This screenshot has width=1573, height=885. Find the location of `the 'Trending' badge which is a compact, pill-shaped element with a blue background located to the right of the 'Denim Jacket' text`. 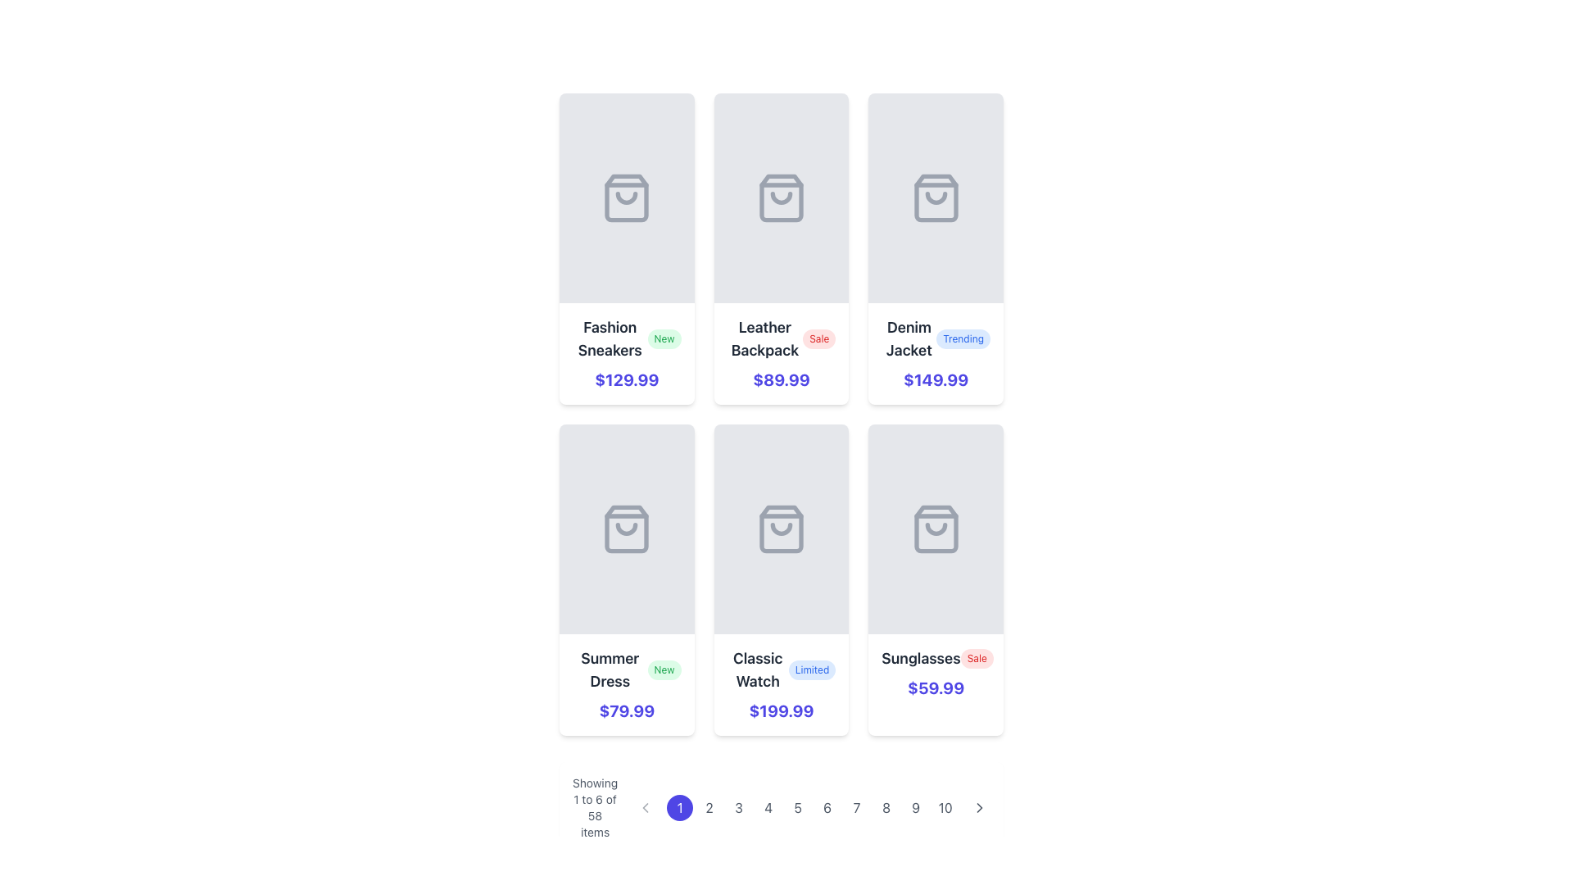

the 'Trending' badge which is a compact, pill-shaped element with a blue background located to the right of the 'Denim Jacket' text is located at coordinates (963, 338).